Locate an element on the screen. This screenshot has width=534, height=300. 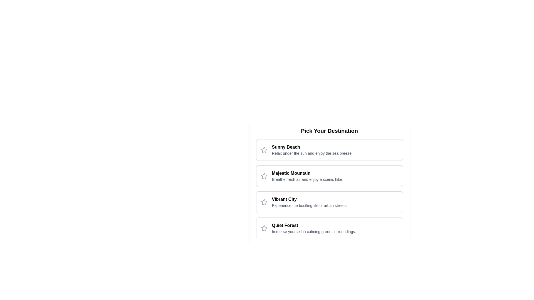
descriptive text for the 'Majestic Mountain' destination option, located below its title and in the second row of a vertical list of selectable options is located at coordinates (307, 179).